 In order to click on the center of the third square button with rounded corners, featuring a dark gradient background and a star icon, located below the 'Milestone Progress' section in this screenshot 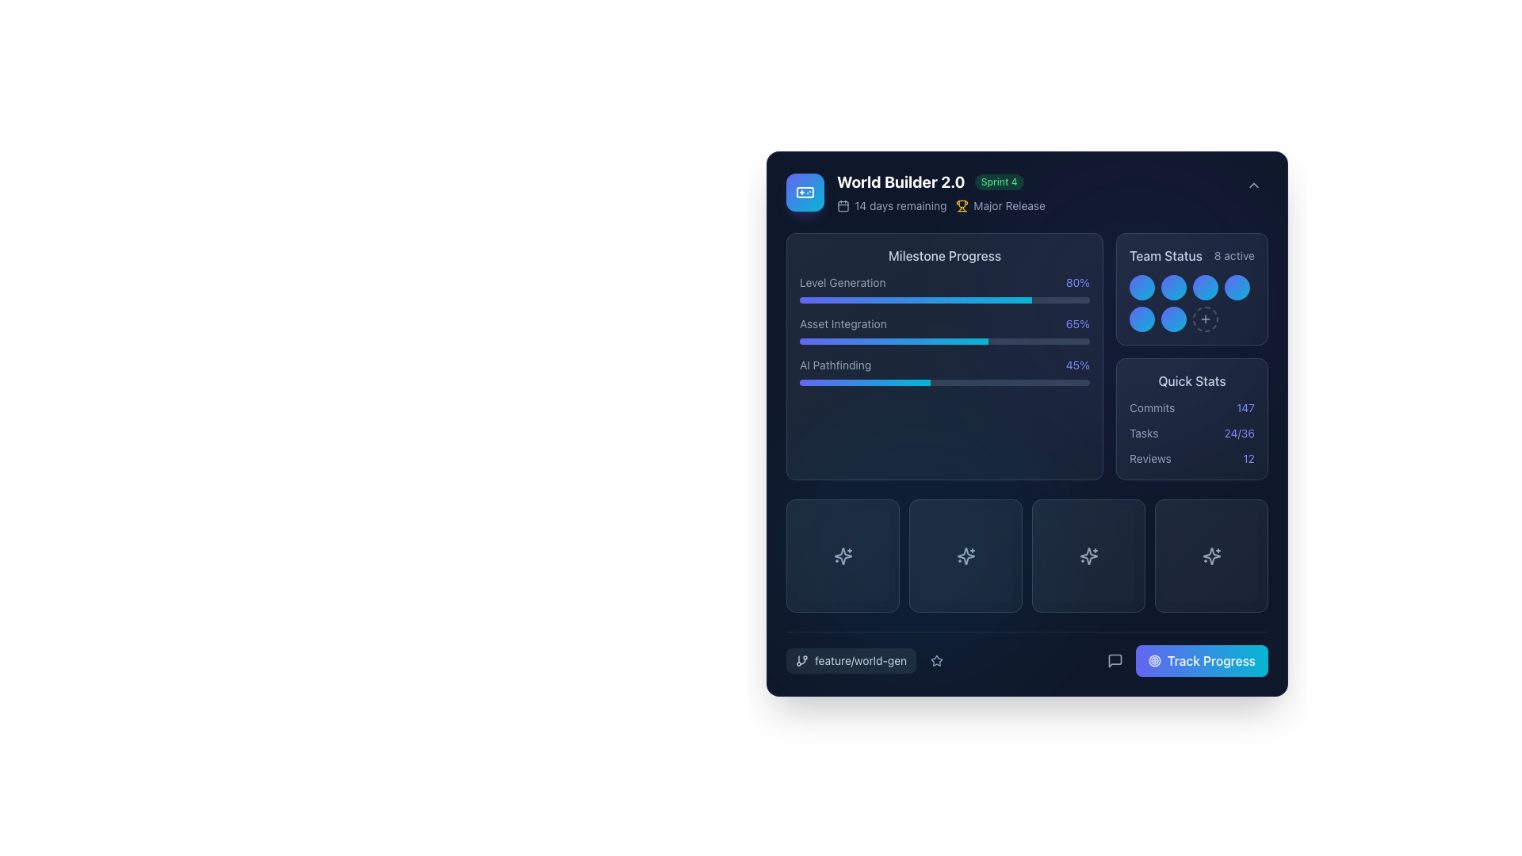, I will do `click(1088, 555)`.